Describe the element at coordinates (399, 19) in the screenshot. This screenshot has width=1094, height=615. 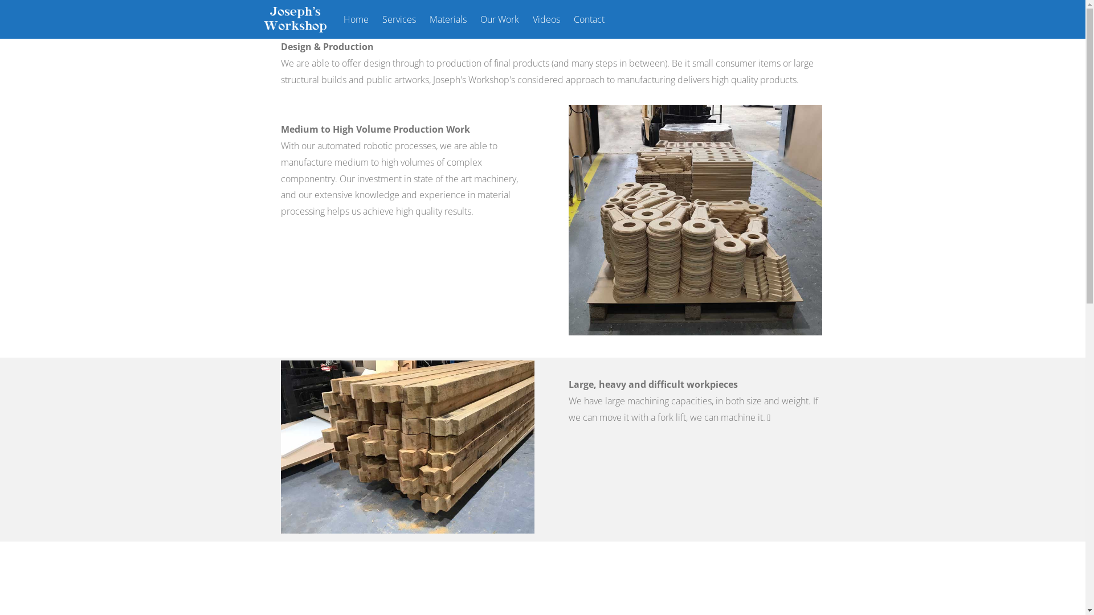
I see `'Services'` at that location.